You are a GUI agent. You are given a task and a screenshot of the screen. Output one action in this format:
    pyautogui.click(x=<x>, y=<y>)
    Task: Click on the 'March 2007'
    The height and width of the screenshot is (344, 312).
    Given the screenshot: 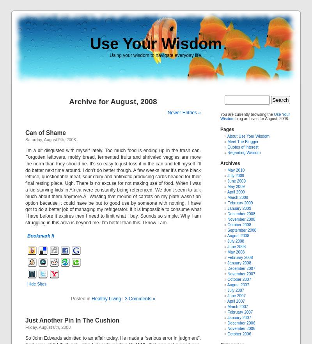 What is the action you would take?
    pyautogui.click(x=238, y=307)
    